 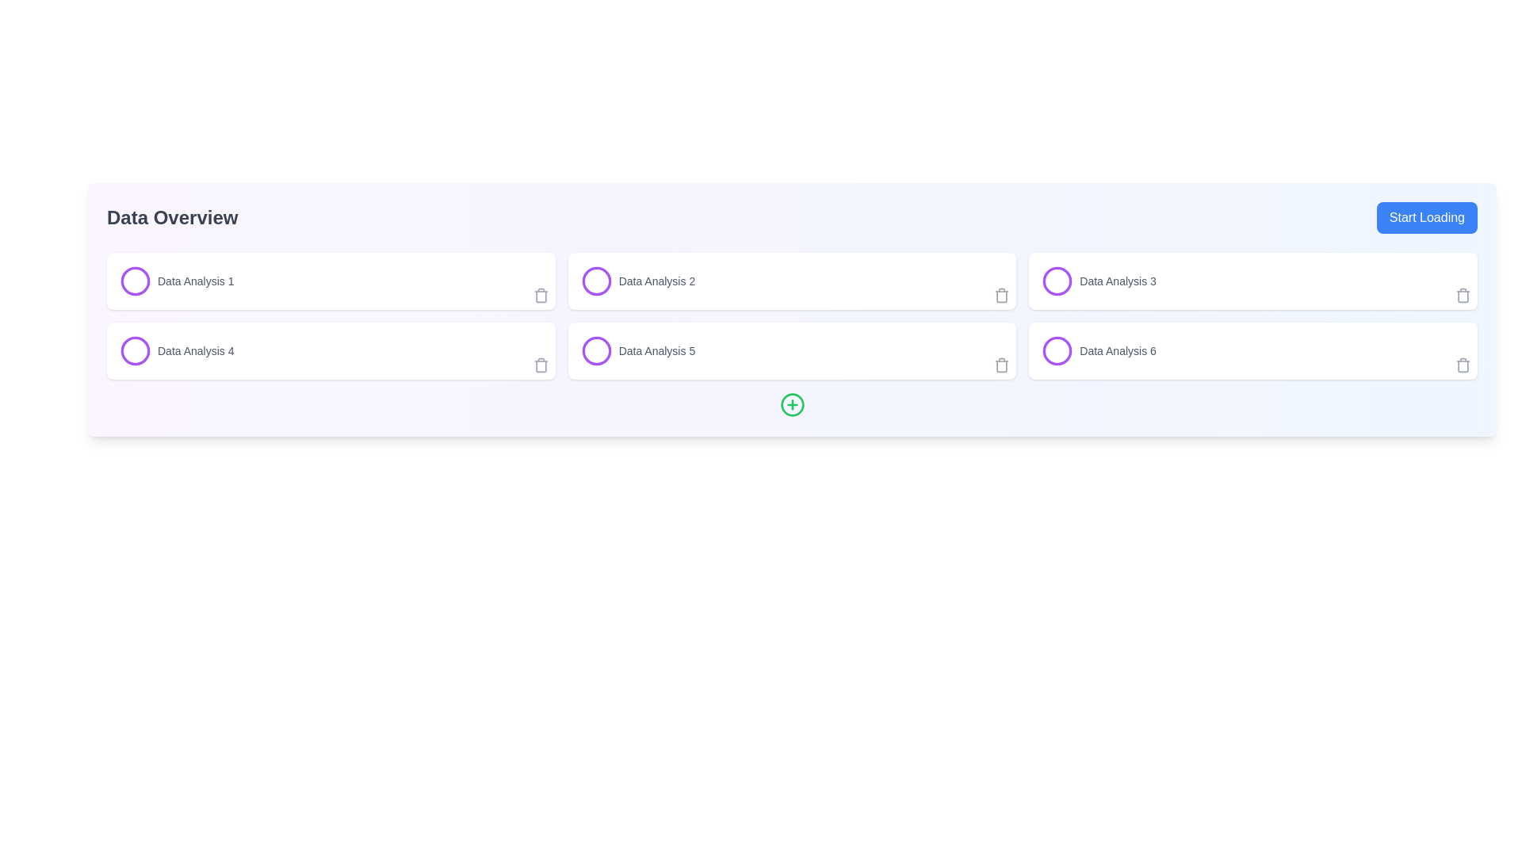 What do you see at coordinates (792, 403) in the screenshot?
I see `the green circle icon with a plus symbol at the bottom center of the interface` at bounding box center [792, 403].